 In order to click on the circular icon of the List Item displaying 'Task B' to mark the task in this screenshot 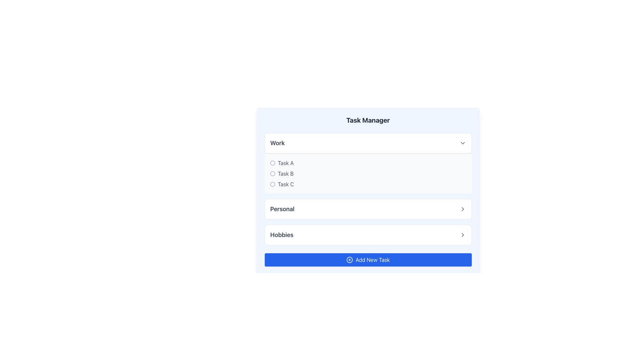, I will do `click(368, 173)`.